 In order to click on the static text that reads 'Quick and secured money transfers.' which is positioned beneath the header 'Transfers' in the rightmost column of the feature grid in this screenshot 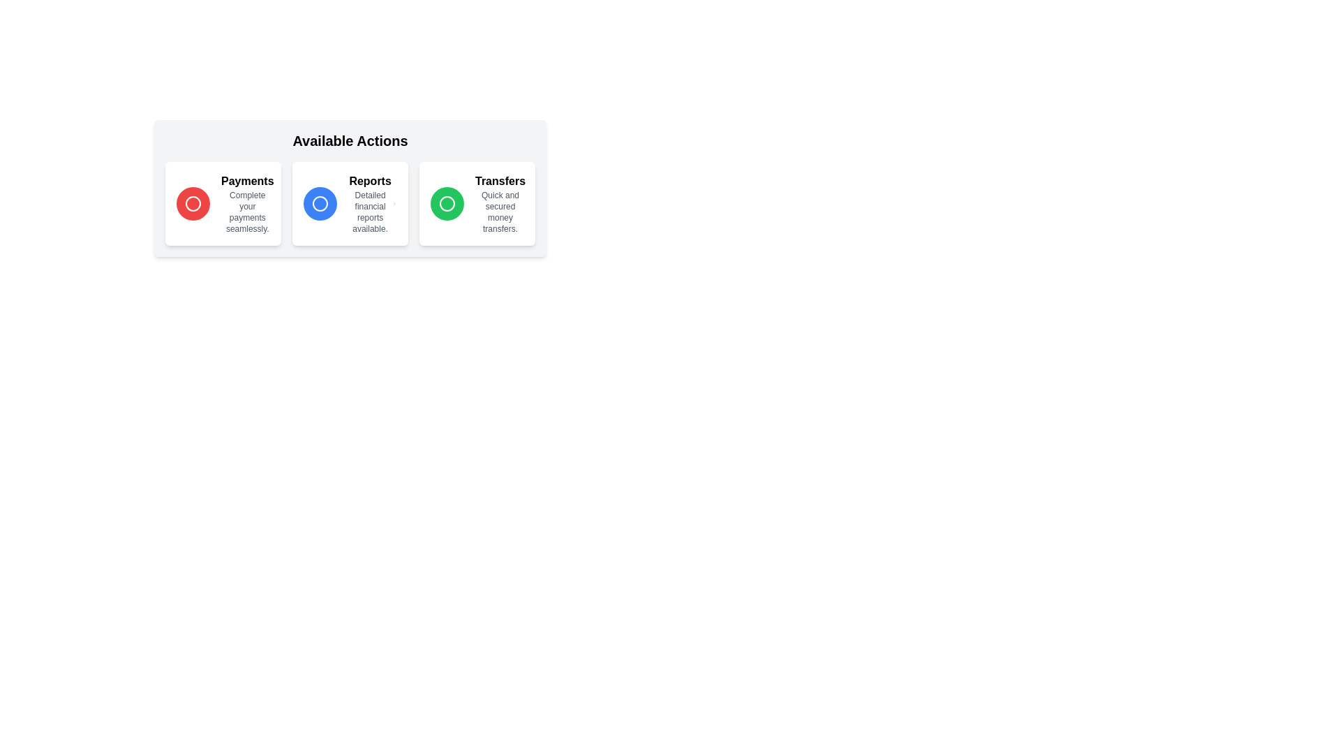, I will do `click(500, 212)`.